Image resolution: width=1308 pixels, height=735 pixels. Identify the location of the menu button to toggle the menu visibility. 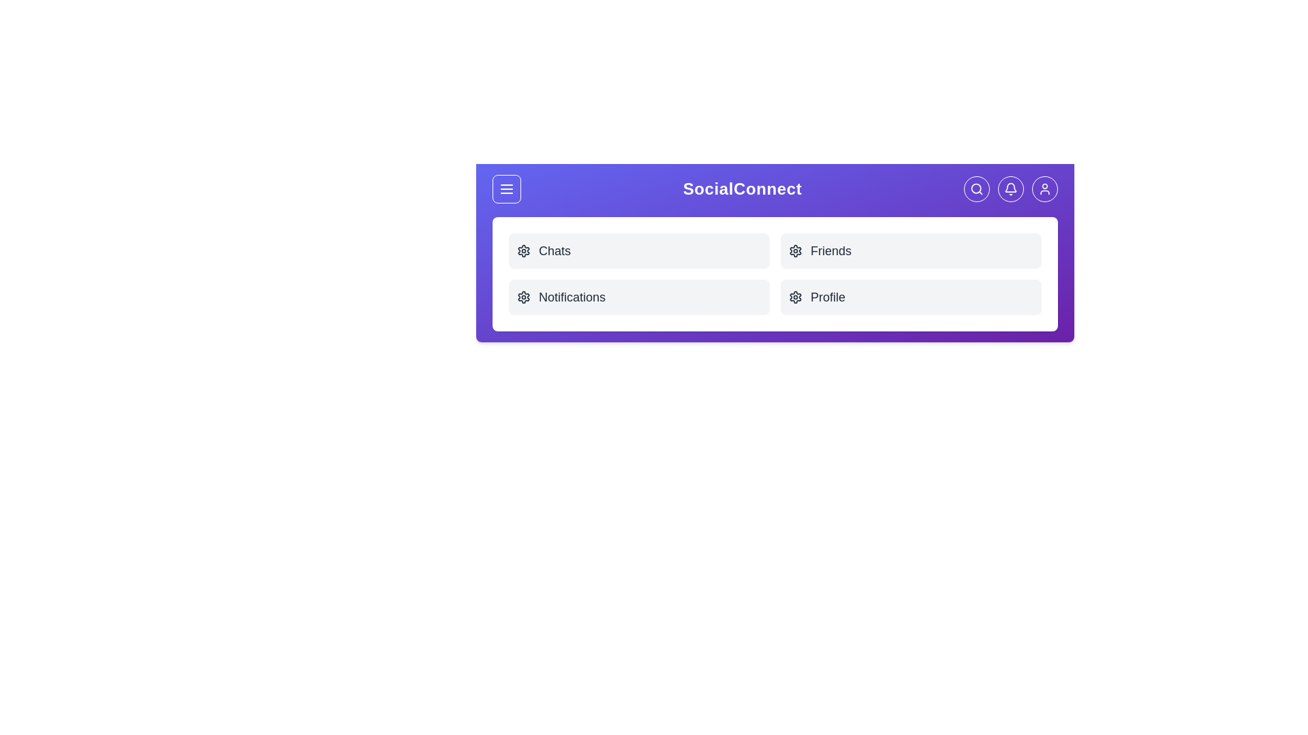
(506, 189).